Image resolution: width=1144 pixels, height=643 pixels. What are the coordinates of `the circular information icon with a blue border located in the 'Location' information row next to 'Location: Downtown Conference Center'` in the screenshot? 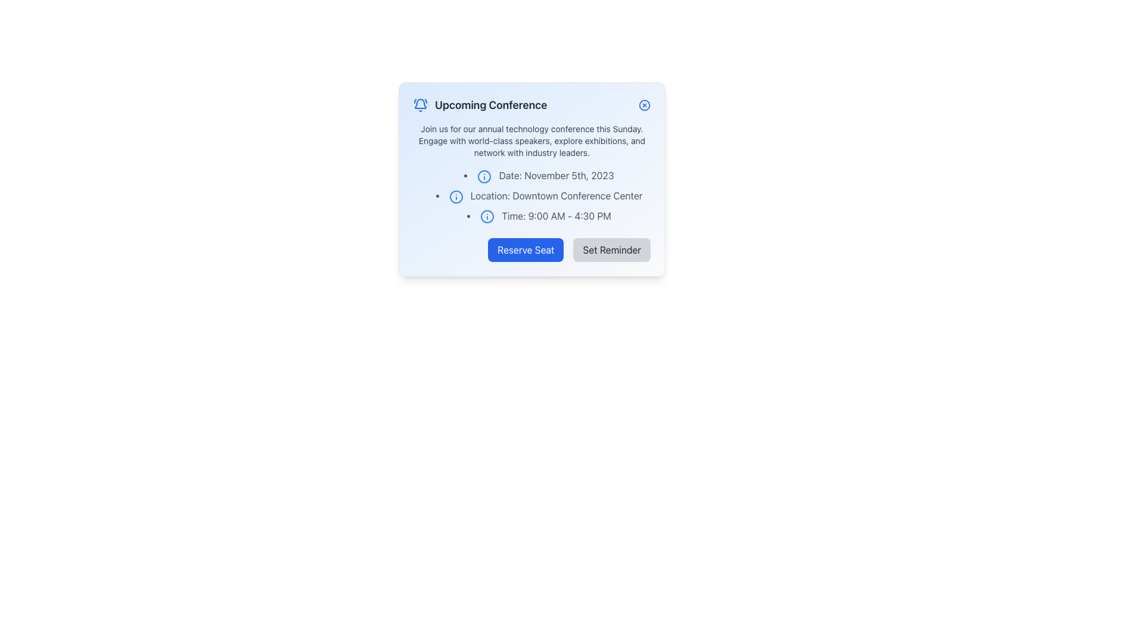 It's located at (455, 196).